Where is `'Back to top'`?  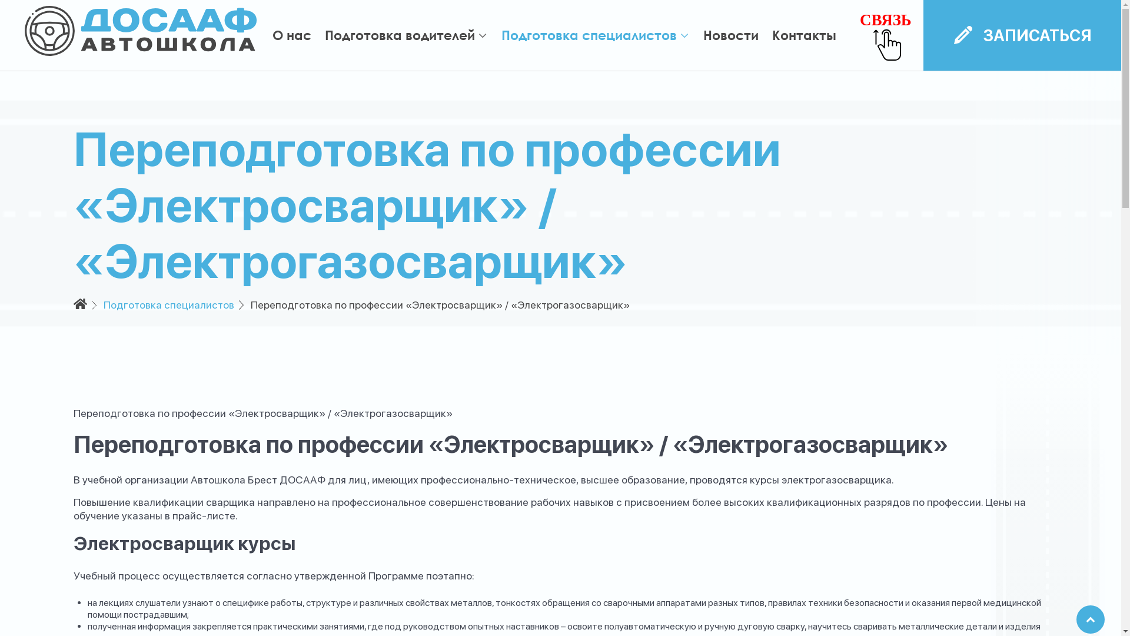
'Back to top' is located at coordinates (1089, 619).